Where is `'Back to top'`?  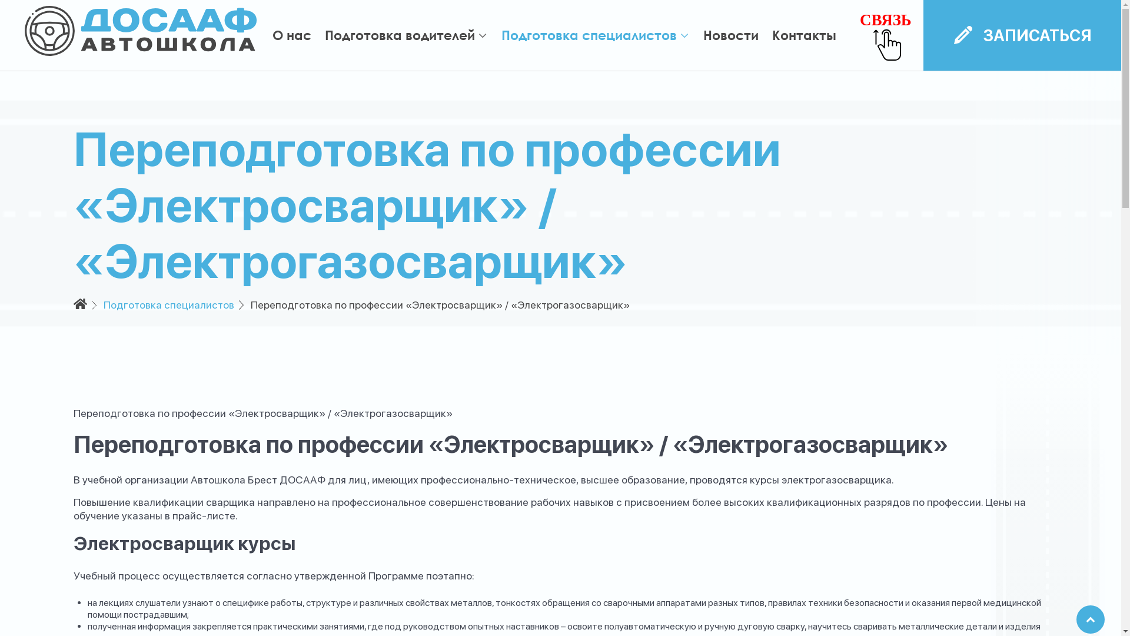
'Back to top' is located at coordinates (1089, 619).